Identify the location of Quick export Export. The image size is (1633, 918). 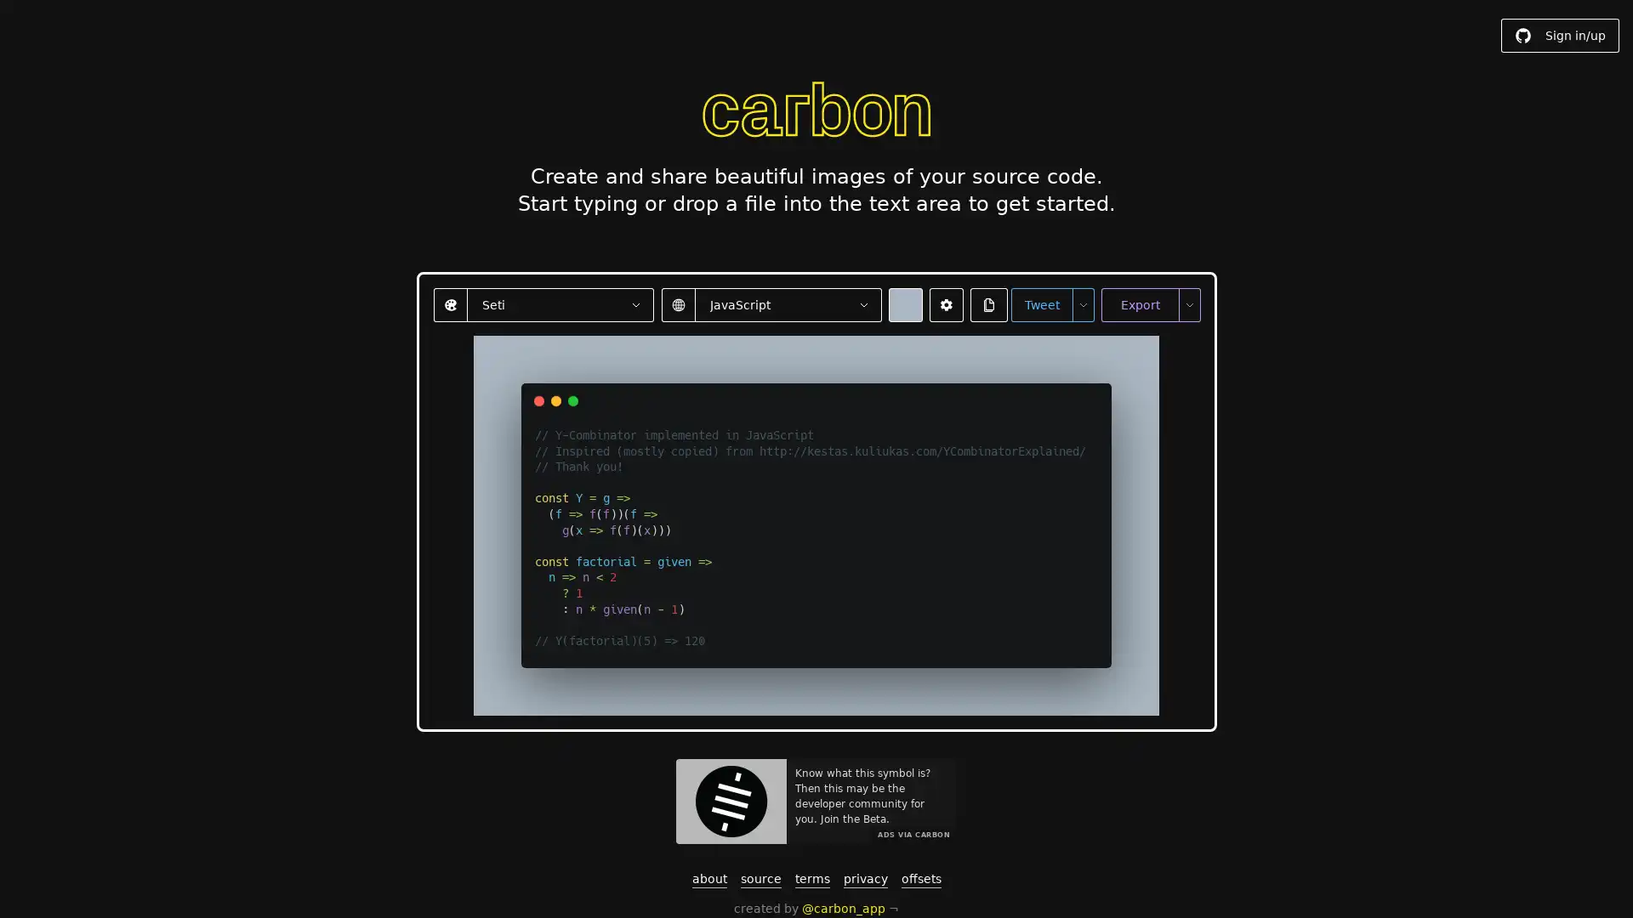
(1139, 303).